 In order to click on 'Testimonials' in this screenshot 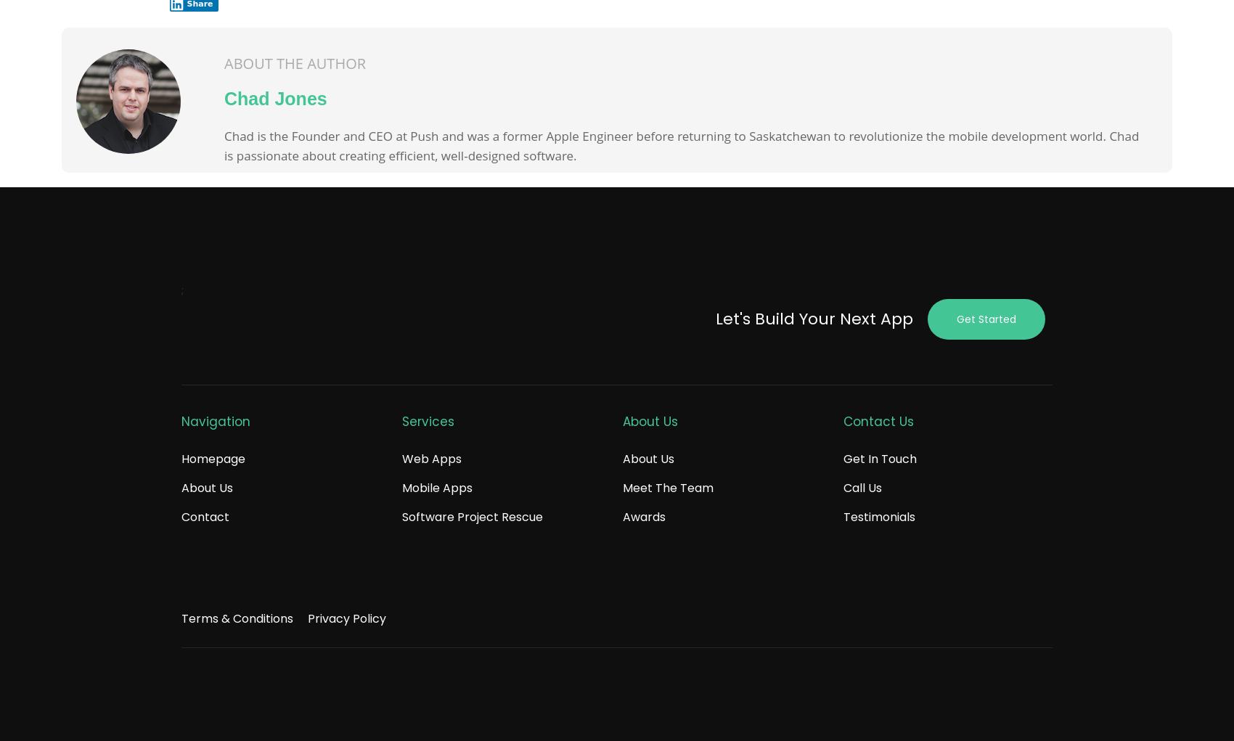, I will do `click(878, 516)`.